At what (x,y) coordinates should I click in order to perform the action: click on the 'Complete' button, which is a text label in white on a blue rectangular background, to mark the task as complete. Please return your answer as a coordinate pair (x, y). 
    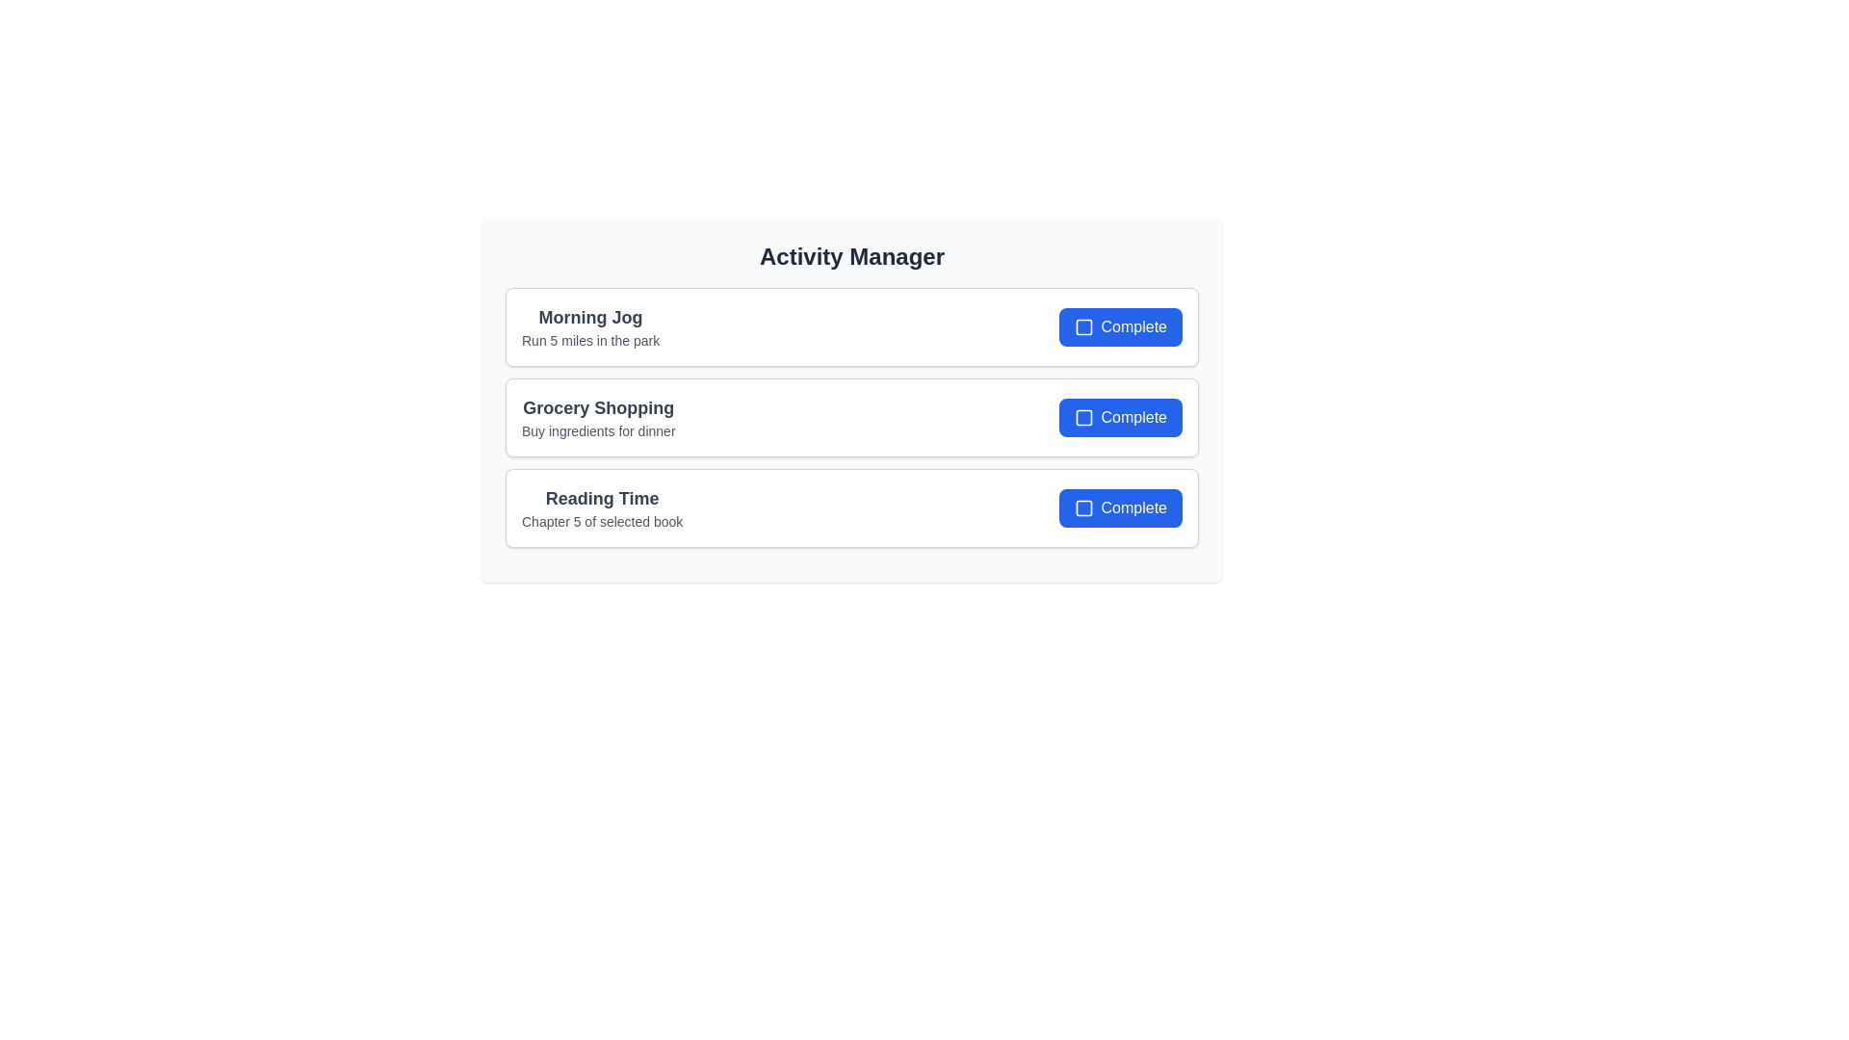
    Looking at the image, I should click on (1133, 417).